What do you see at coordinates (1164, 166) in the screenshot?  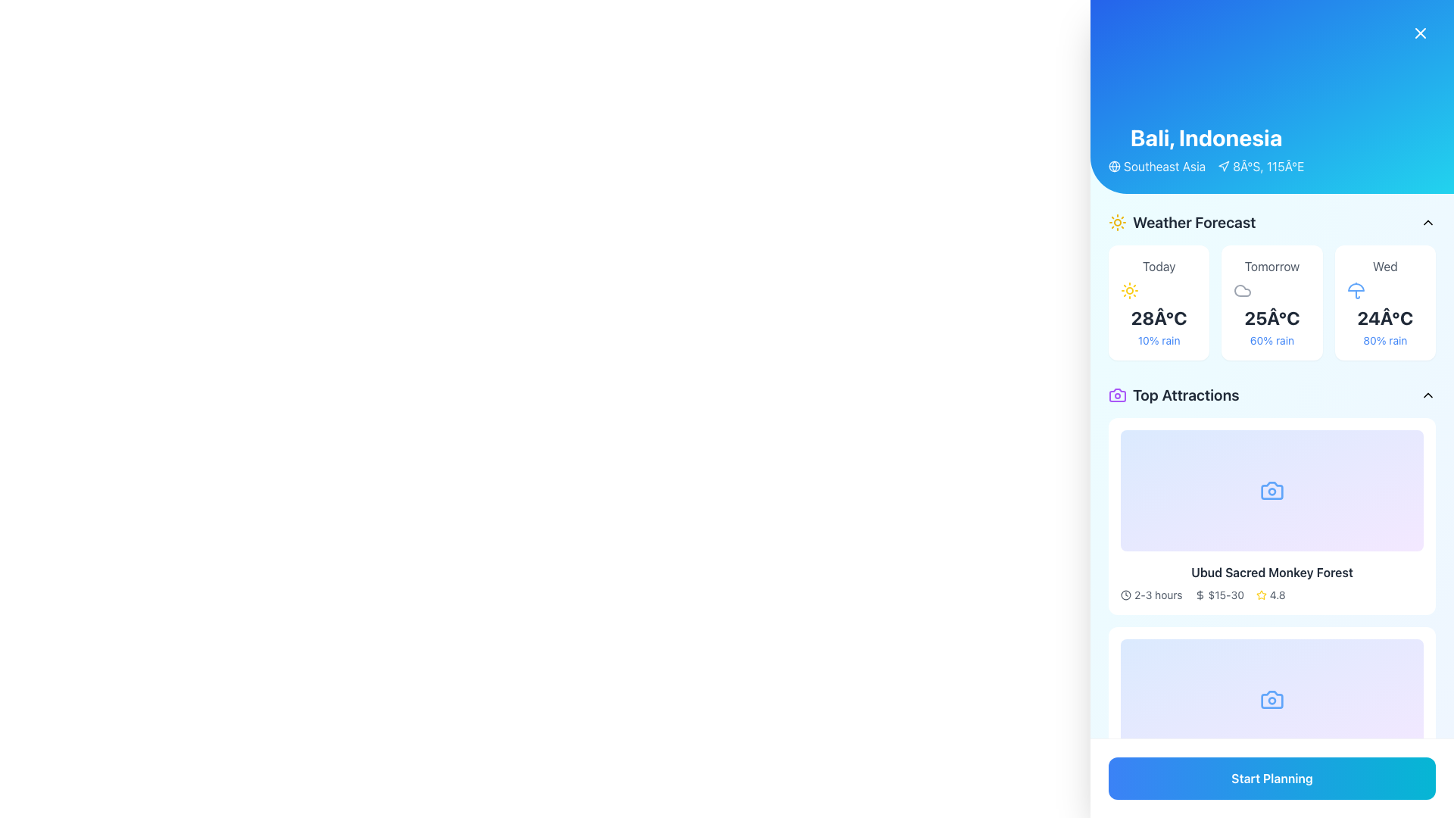 I see `the text label displaying 'Southeast Asia', which is styled in white against a gradient blue background, located beneath 'Bali, Indonesia'` at bounding box center [1164, 166].